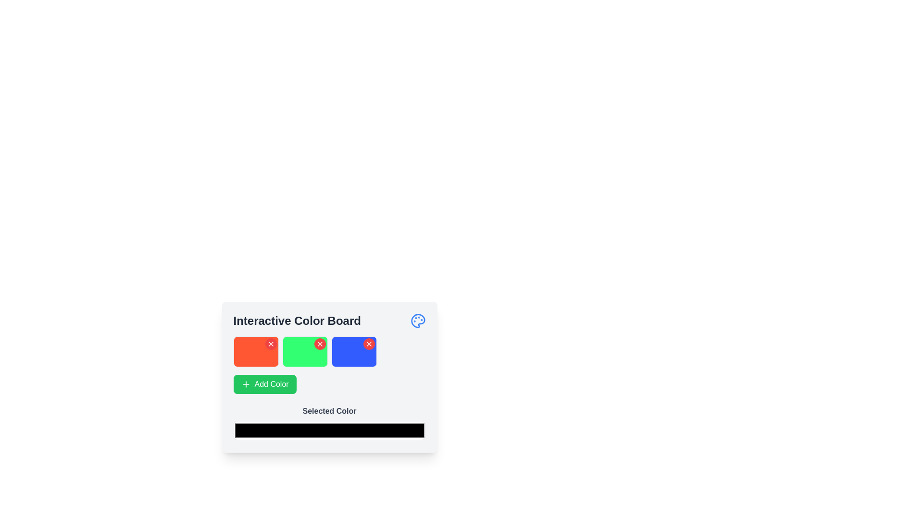 This screenshot has width=923, height=519. What do you see at coordinates (329, 411) in the screenshot?
I see `the descriptive label for the color input field, which is centered horizontally above it` at bounding box center [329, 411].